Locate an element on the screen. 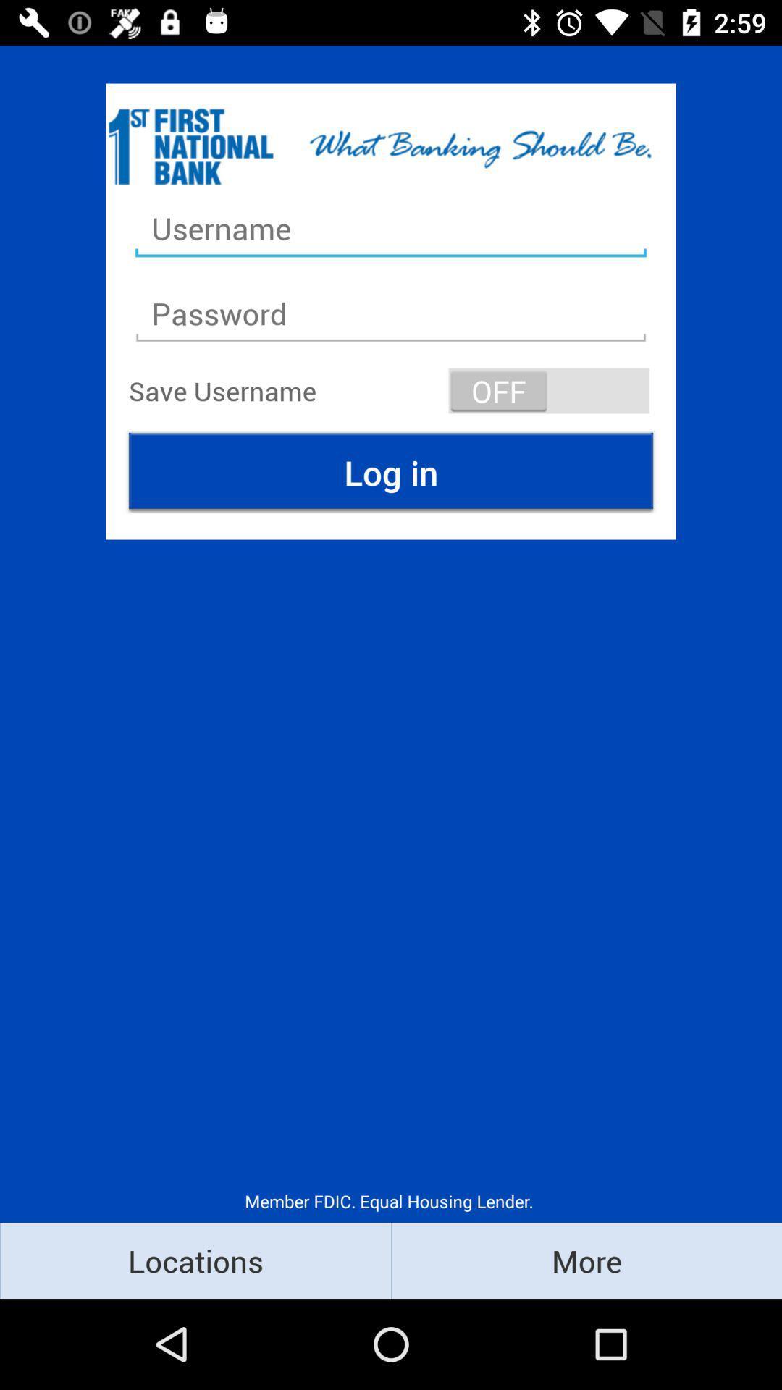 The image size is (782, 1390). item next to the save username is located at coordinates (549, 390).